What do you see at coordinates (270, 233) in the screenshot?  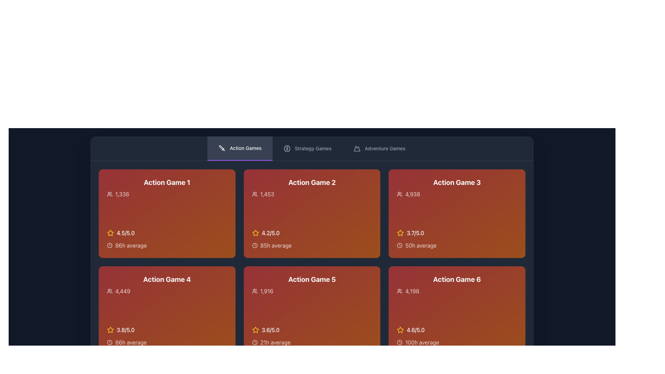 I see `the static text displaying the rating '4.2/5.0' in white color, located in the second card of the top row, immediately to the right of the yellow star icon` at bounding box center [270, 233].